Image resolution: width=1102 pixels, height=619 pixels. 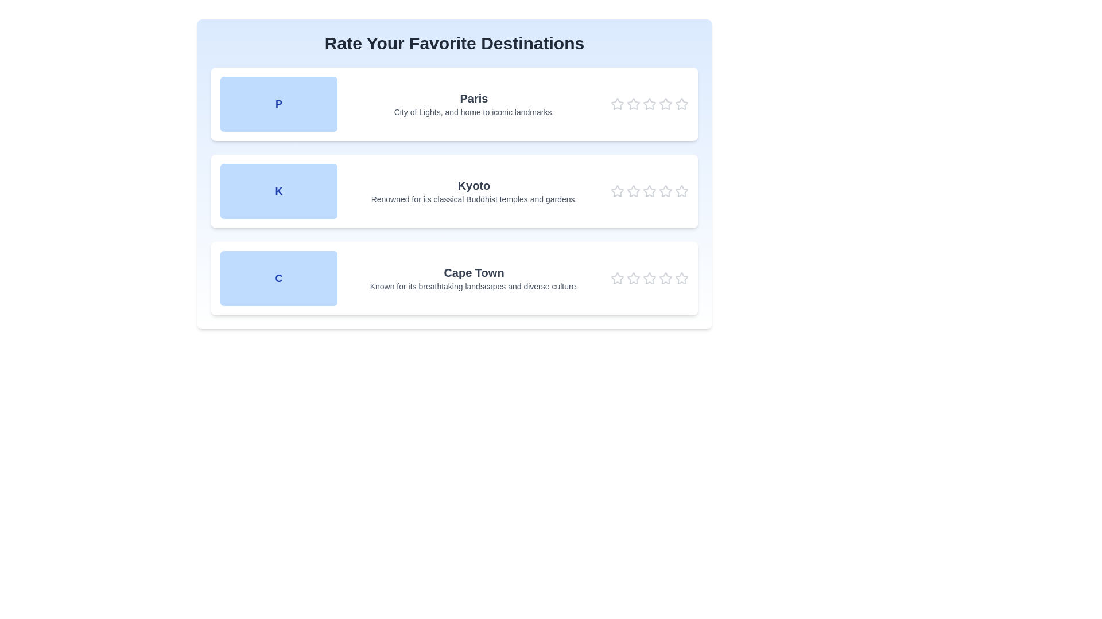 What do you see at coordinates (474, 191) in the screenshot?
I see `text content providing a title and short description about Kyoto, located in the second item of a vertically stacked list, centered horizontally below a large blue rounded square with a 'K' in the center` at bounding box center [474, 191].